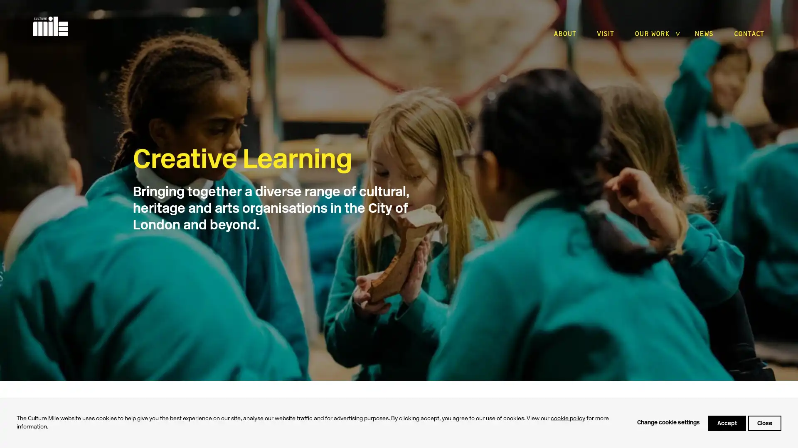  What do you see at coordinates (668, 423) in the screenshot?
I see `Change cookie settings` at bounding box center [668, 423].